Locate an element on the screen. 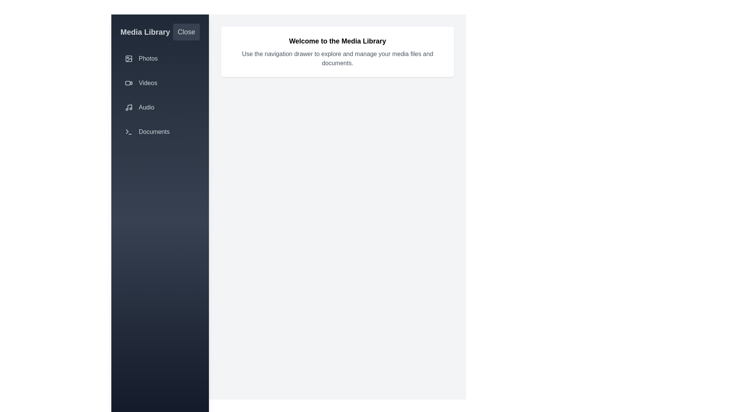  the navigation item corresponding to Photos is located at coordinates (160, 58).